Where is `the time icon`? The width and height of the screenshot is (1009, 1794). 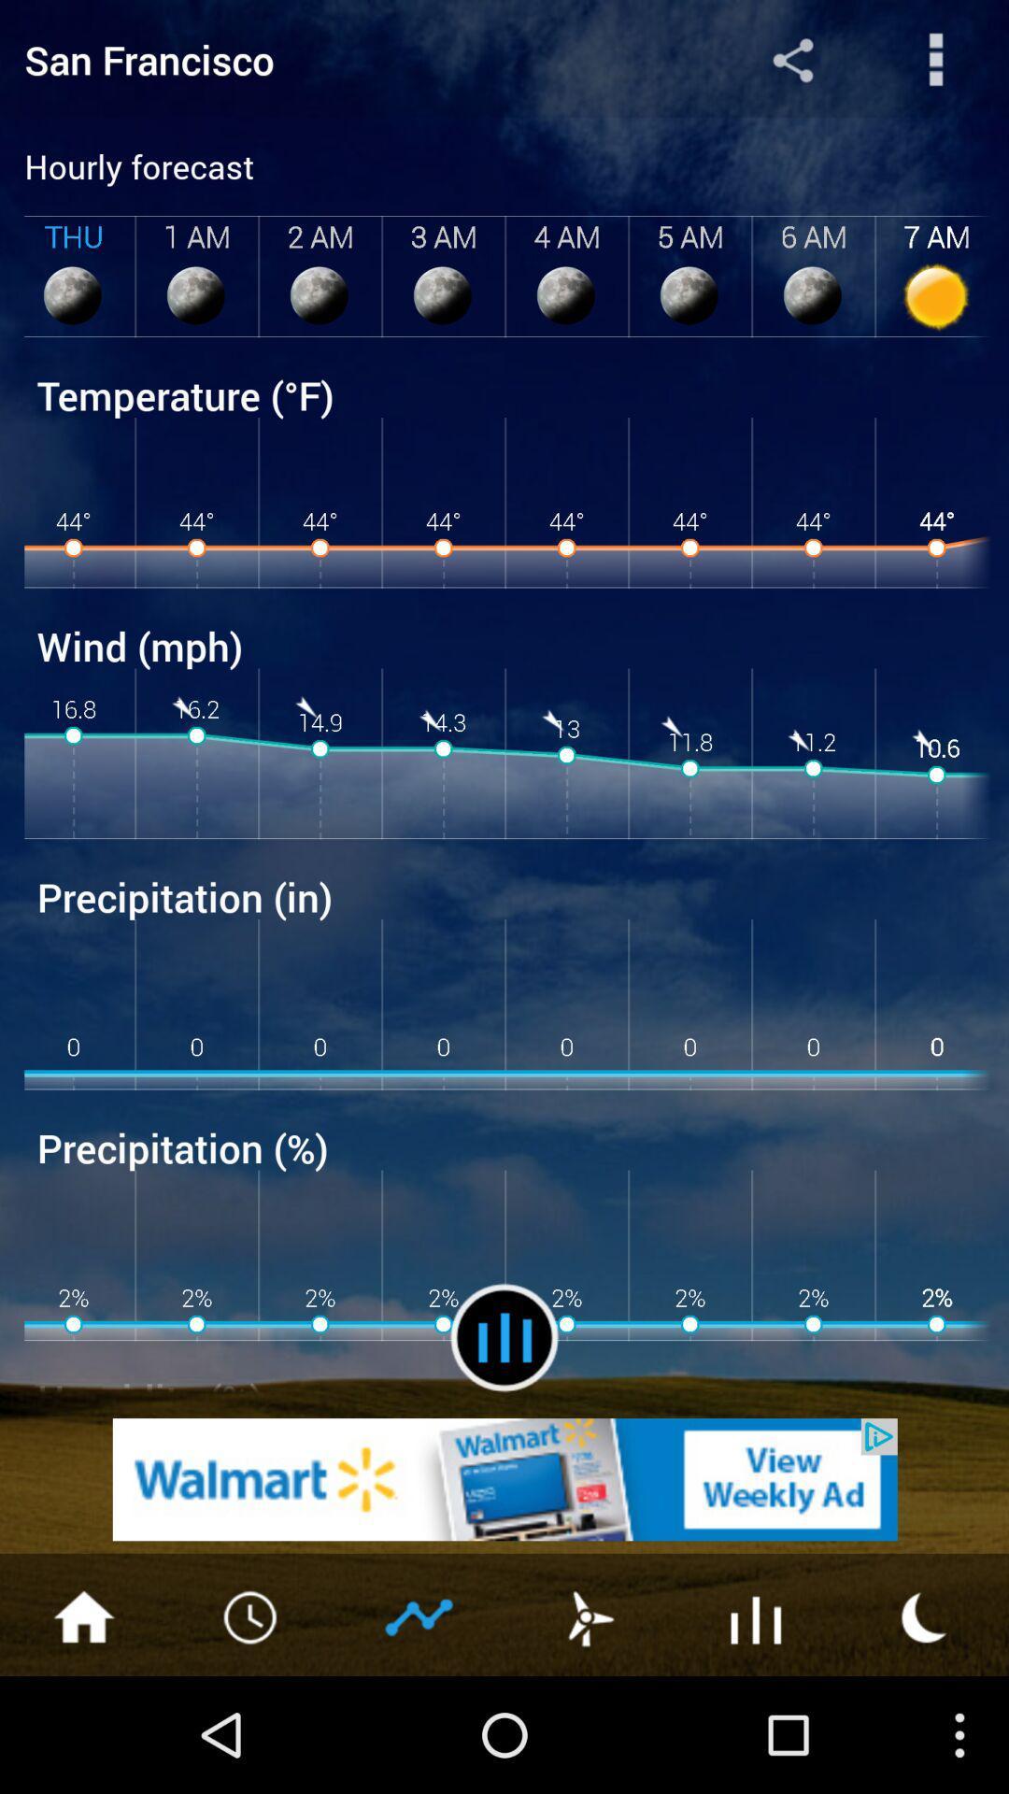 the time icon is located at coordinates (252, 1728).